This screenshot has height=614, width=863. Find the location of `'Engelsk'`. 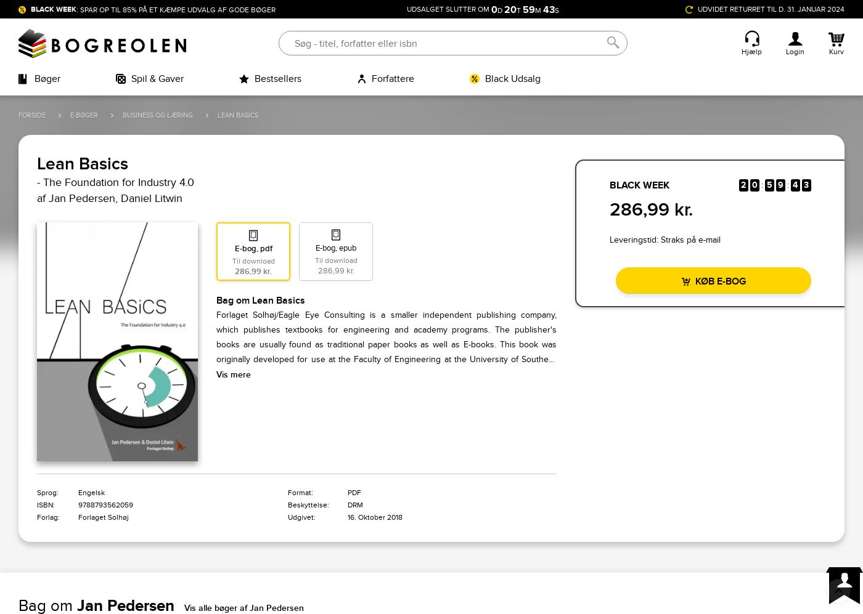

'Engelsk' is located at coordinates (91, 491).